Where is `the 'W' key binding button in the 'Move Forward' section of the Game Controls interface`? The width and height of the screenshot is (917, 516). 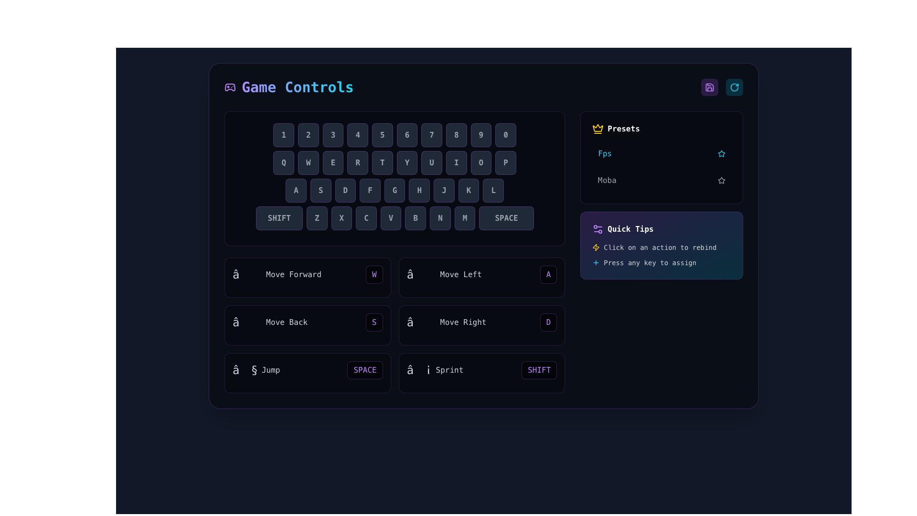
the 'W' key binding button in the 'Move Forward' section of the Game Controls interface is located at coordinates (373, 274).